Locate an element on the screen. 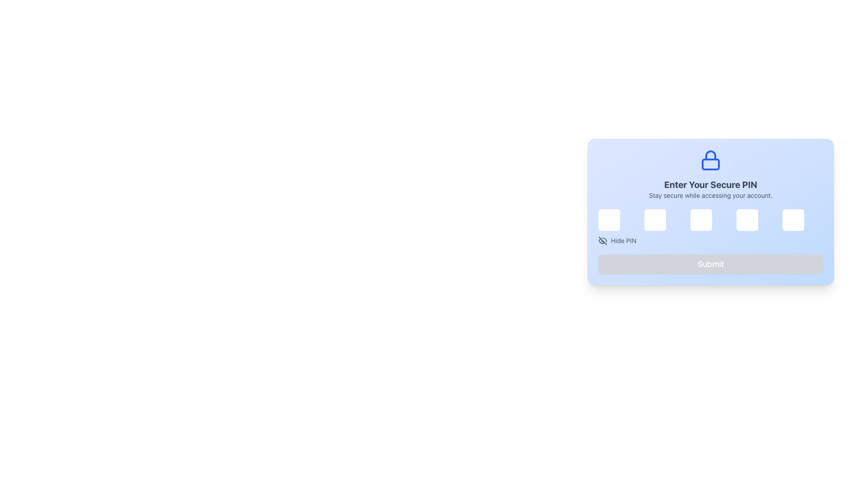 The width and height of the screenshot is (867, 488). the submit button located at the bottom of the PIN entry form to attempt submission of the entered PIN is located at coordinates (710, 264).